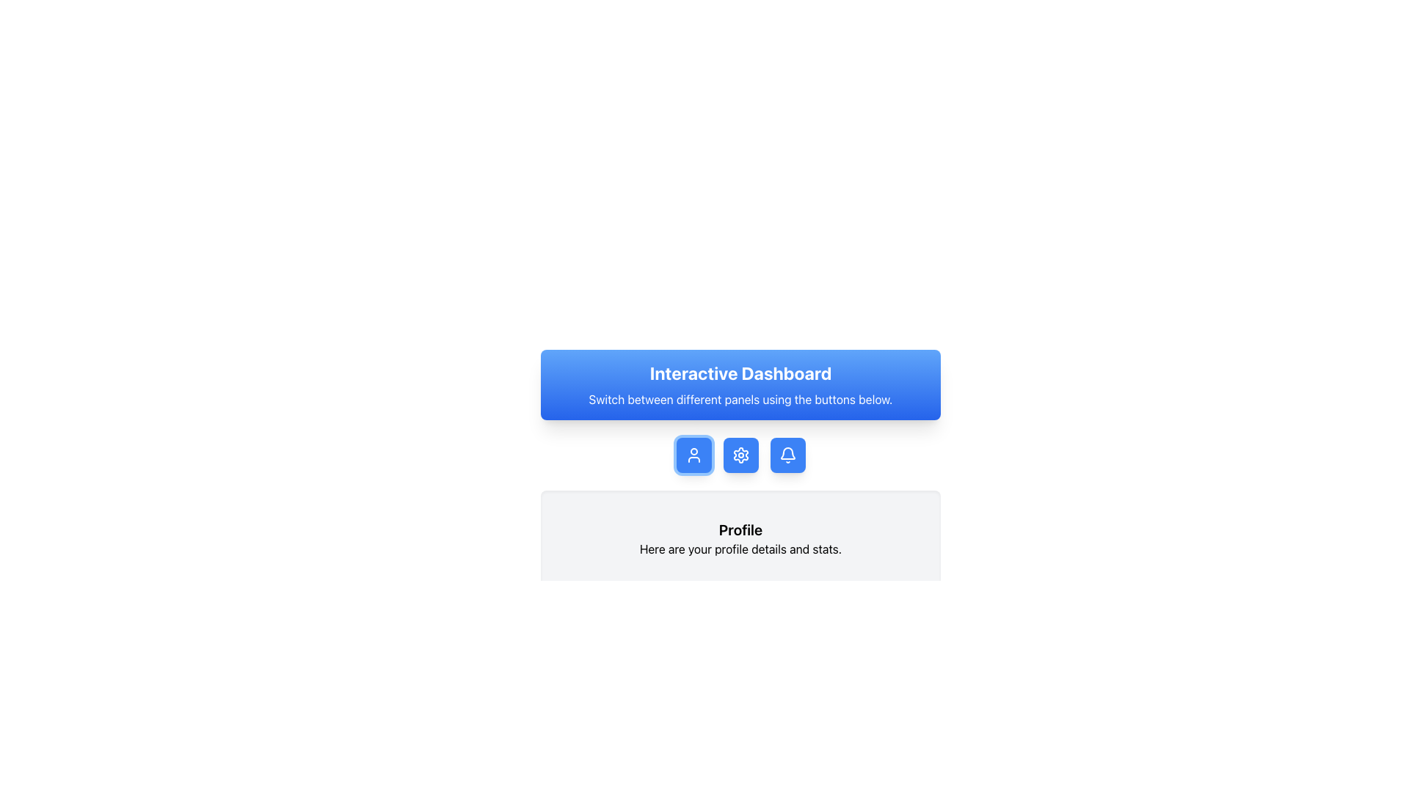 The height and width of the screenshot is (792, 1409). What do you see at coordinates (740, 450) in the screenshot?
I see `the rectangular panel titled 'Interactive Dashboard'` at bounding box center [740, 450].